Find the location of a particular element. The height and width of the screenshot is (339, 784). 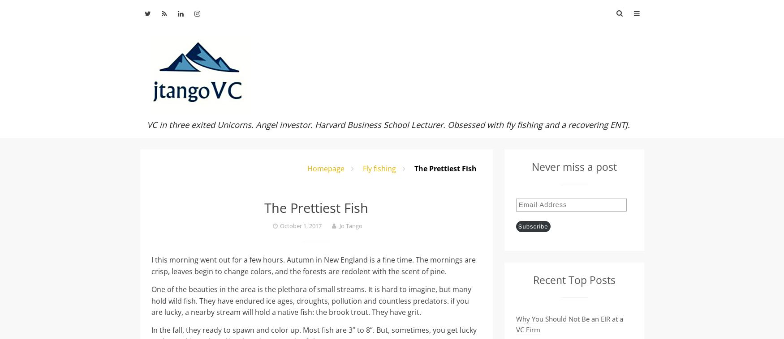

'October 1, 2017' is located at coordinates (300, 225).